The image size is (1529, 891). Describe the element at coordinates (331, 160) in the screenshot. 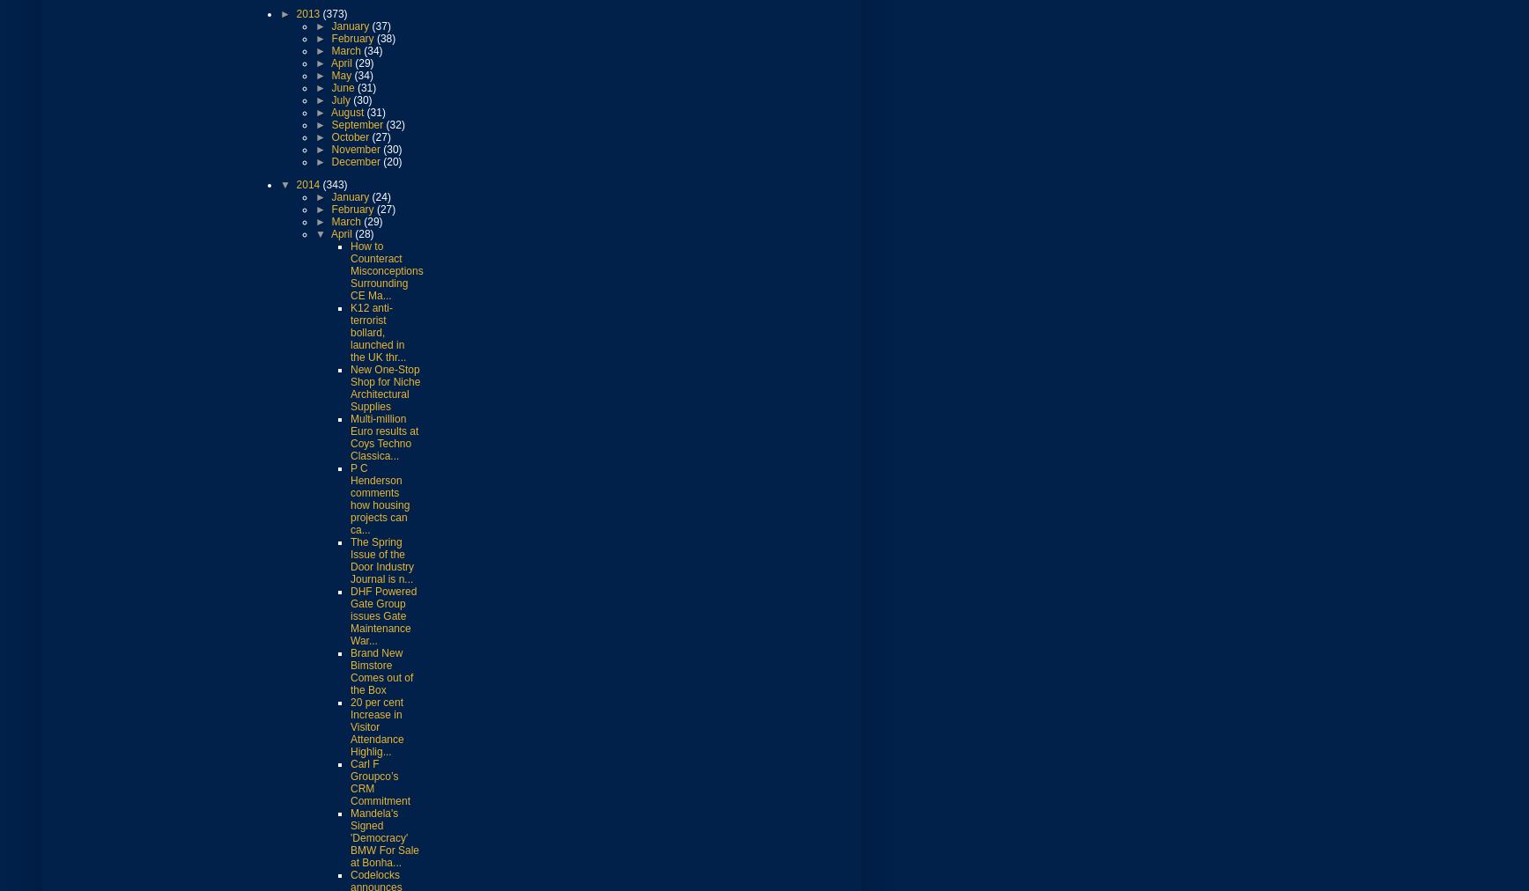

I see `'December'` at that location.